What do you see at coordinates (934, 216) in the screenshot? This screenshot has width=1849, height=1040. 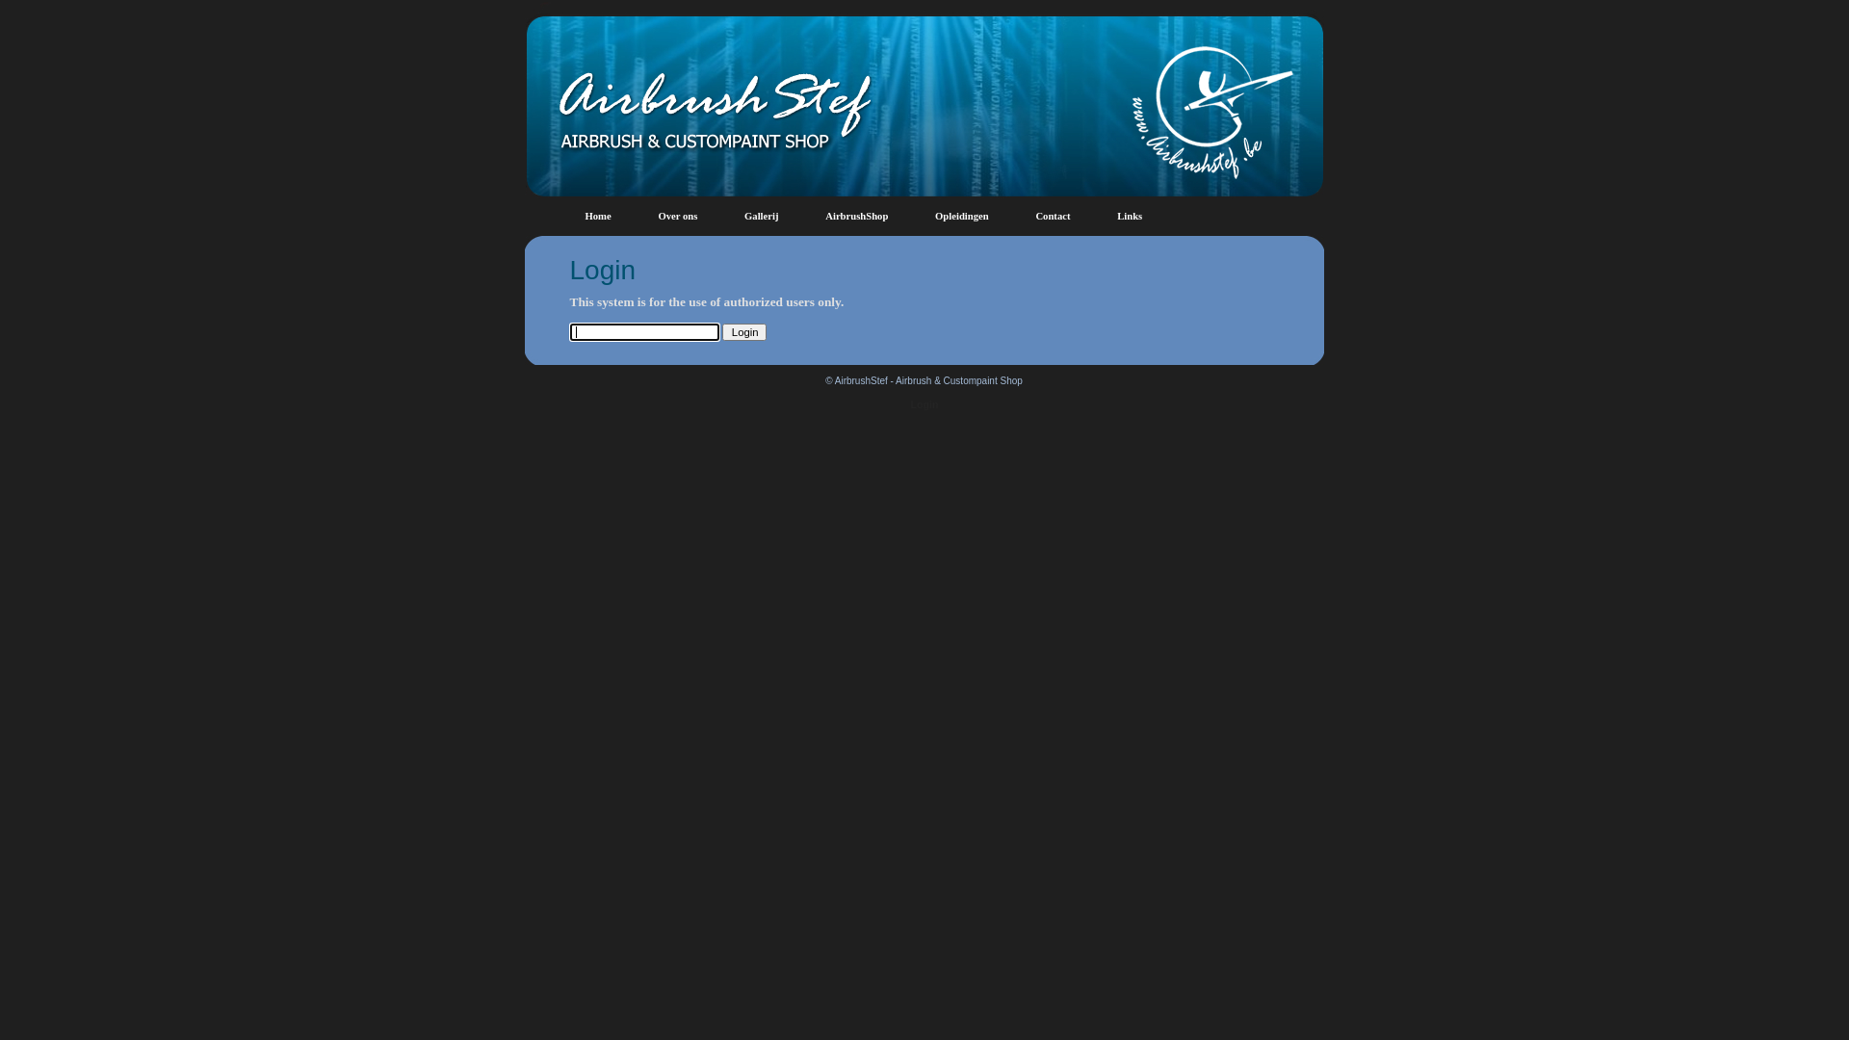 I see `'Opleidingen'` at bounding box center [934, 216].